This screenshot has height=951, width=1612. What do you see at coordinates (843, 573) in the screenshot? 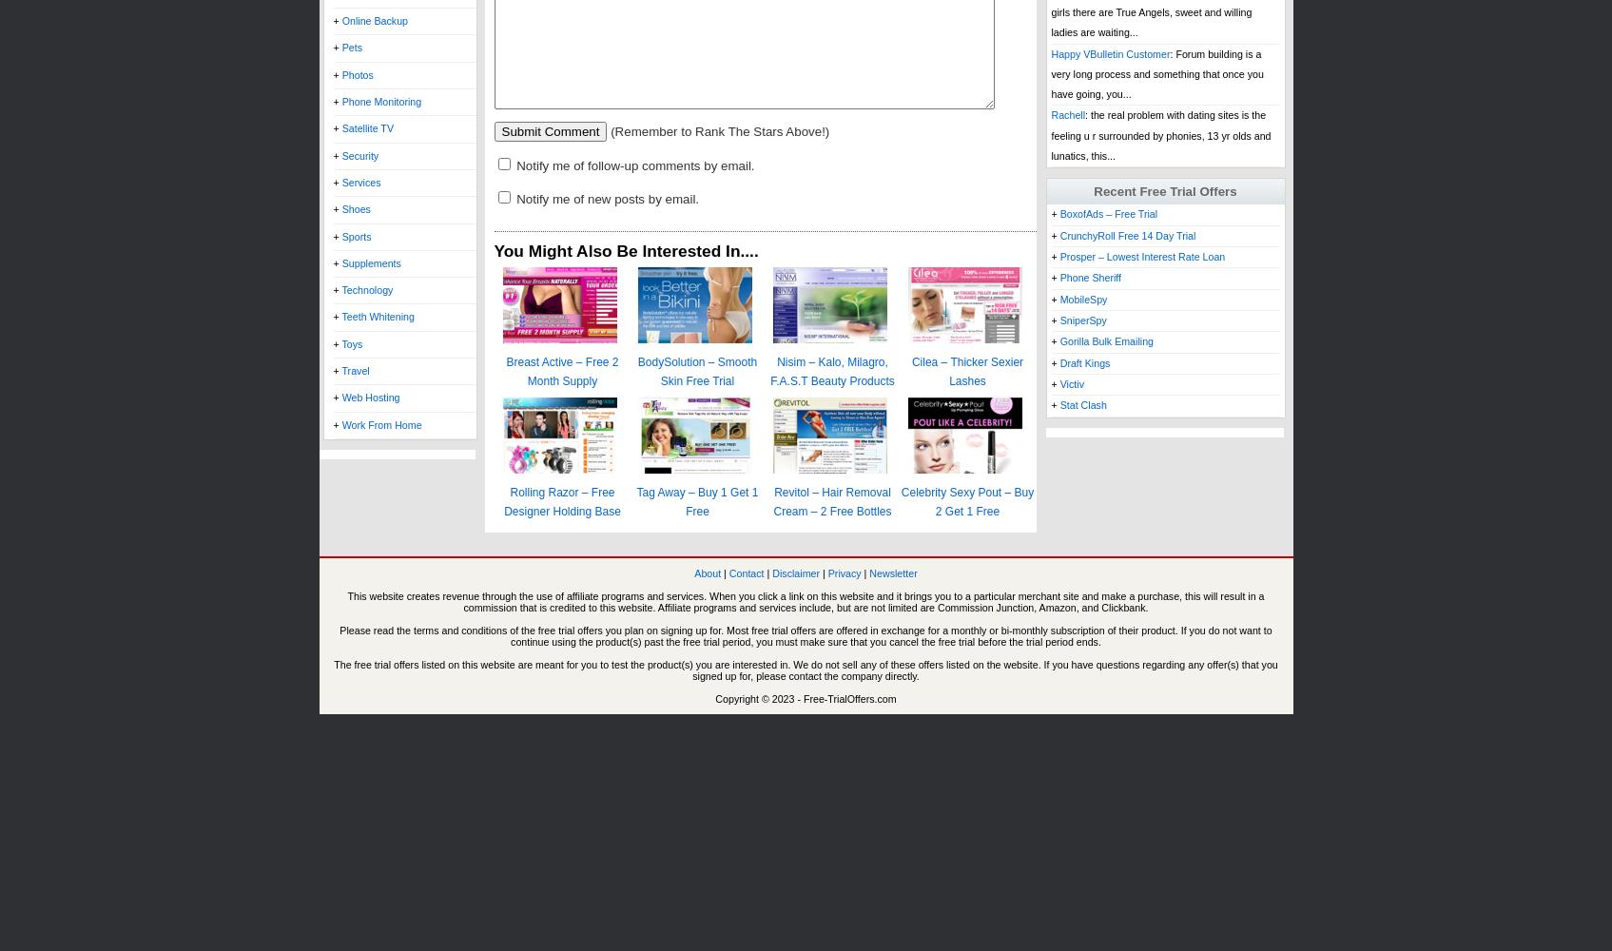
I see `'Privacy'` at bounding box center [843, 573].